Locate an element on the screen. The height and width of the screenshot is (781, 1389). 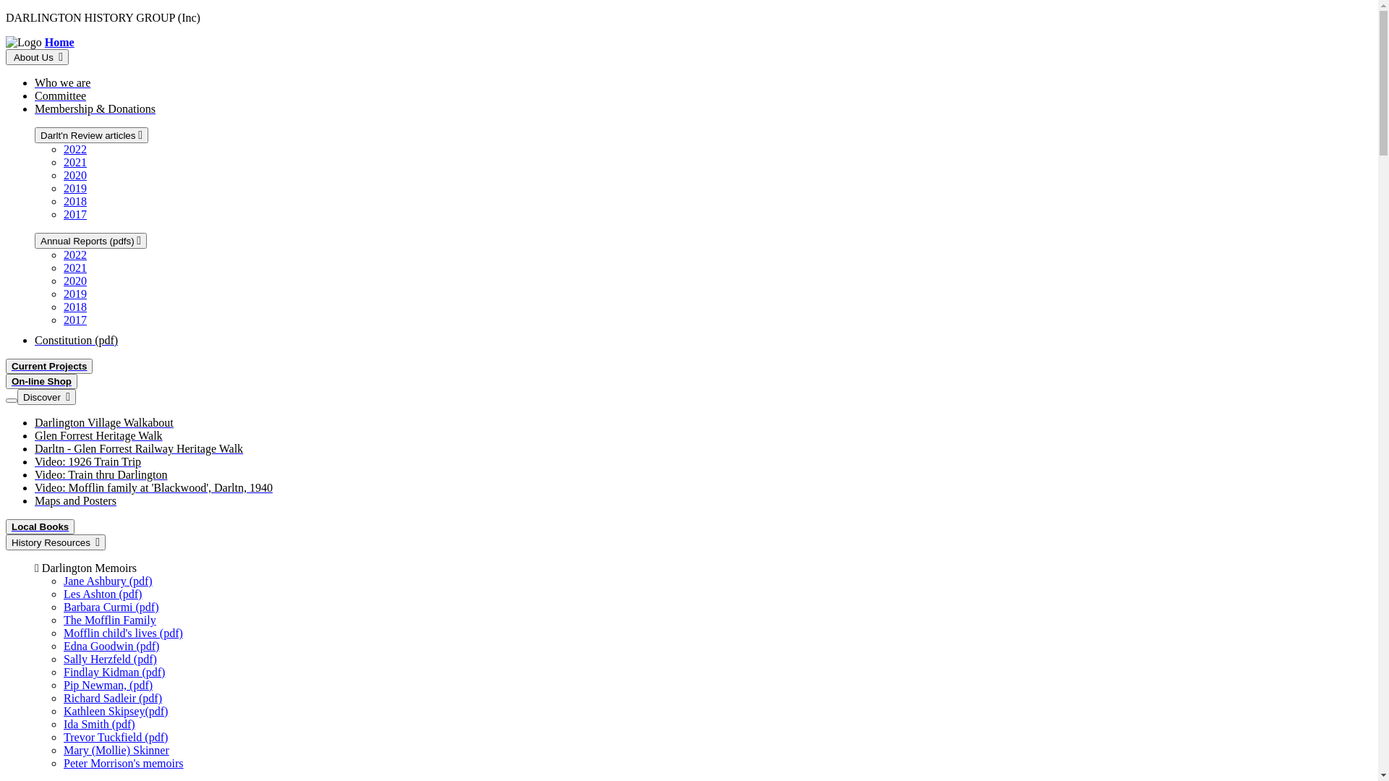
'Barbara Curmi (pdf)' is located at coordinates (110, 607).